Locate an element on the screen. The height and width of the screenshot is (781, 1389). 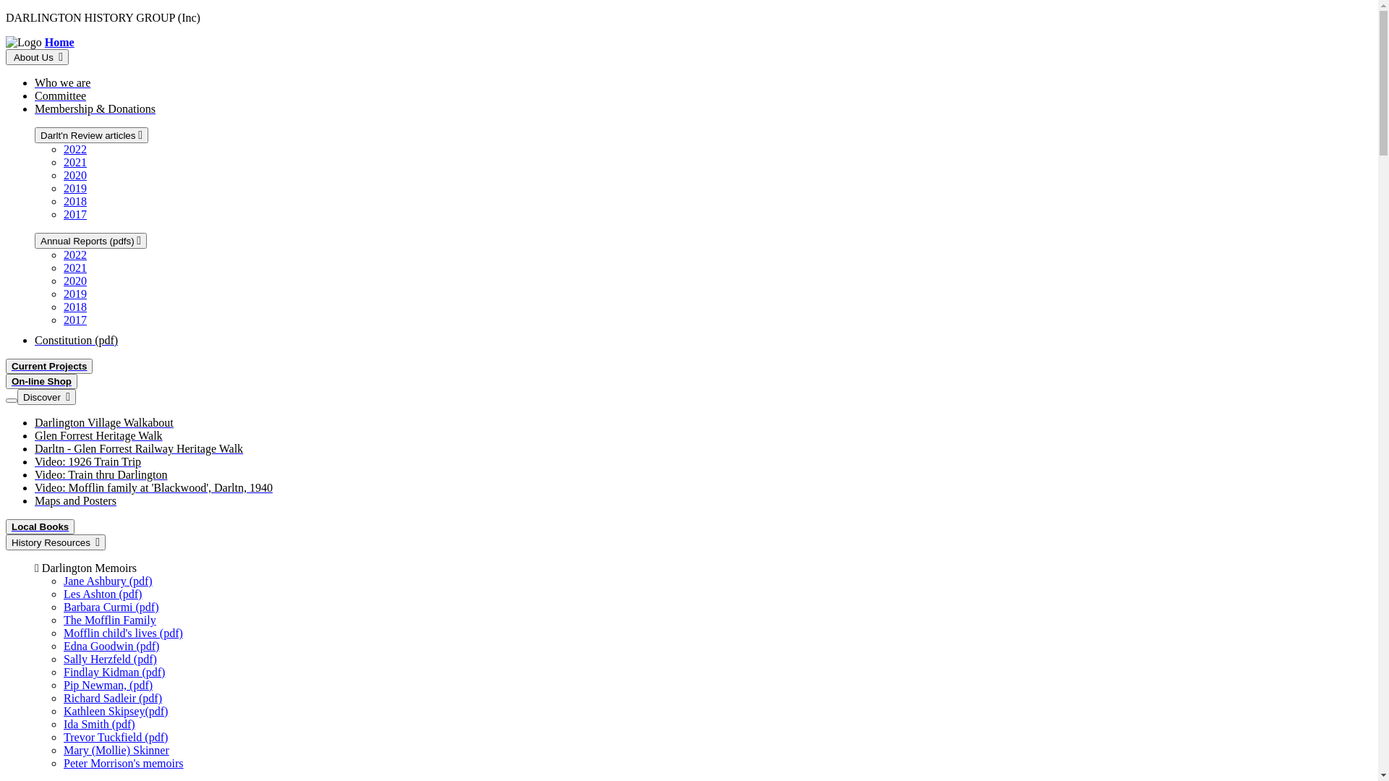
'Barbara Curmi (pdf)' is located at coordinates (110, 607).